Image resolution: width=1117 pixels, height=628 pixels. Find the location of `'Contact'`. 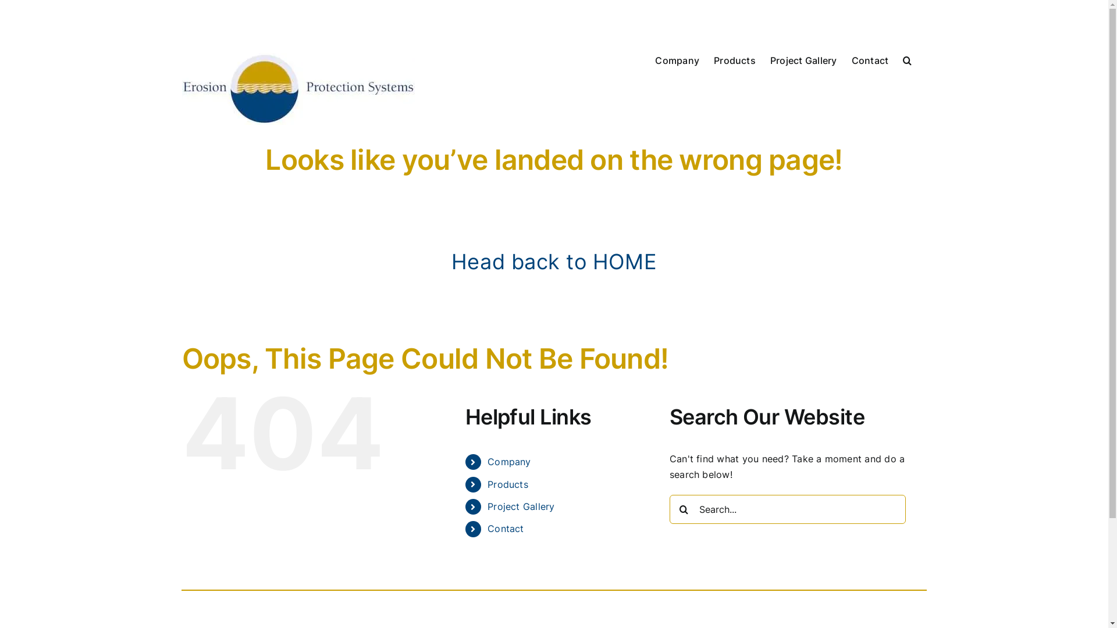

'Contact' is located at coordinates (506, 529).